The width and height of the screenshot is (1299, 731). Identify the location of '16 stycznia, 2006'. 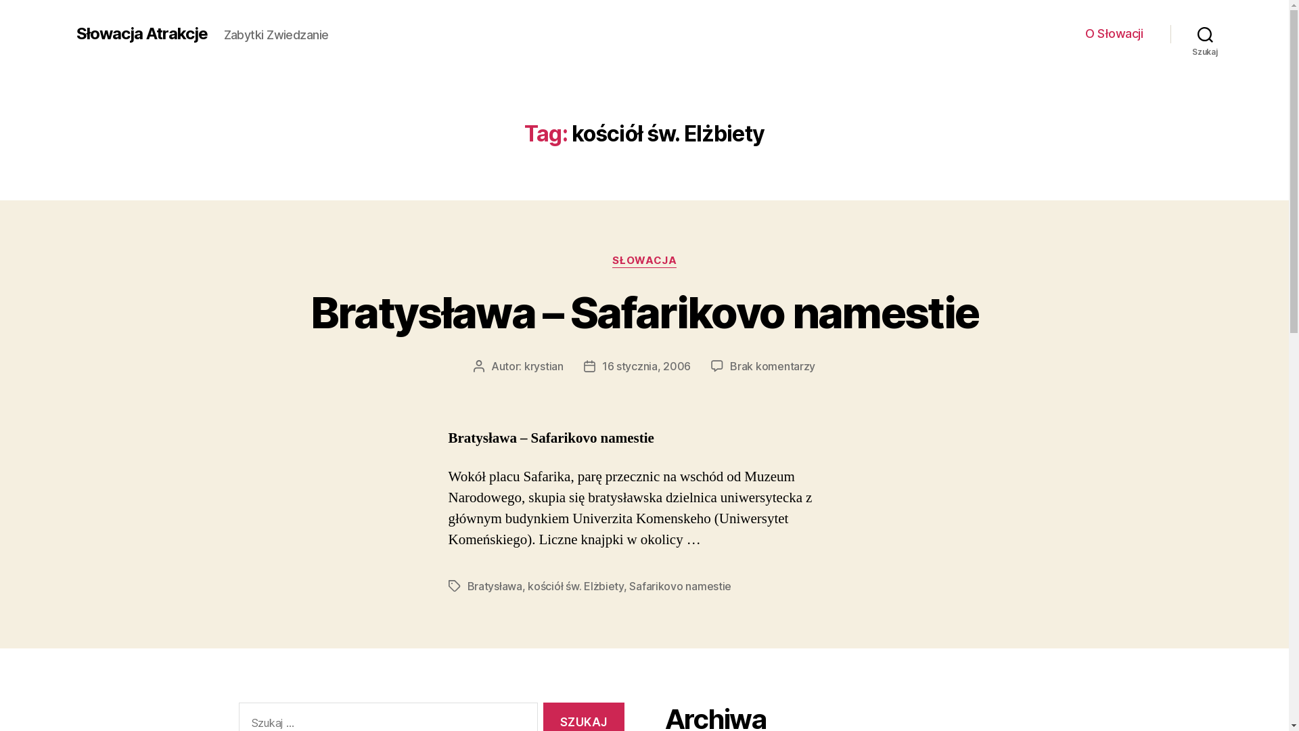
(645, 365).